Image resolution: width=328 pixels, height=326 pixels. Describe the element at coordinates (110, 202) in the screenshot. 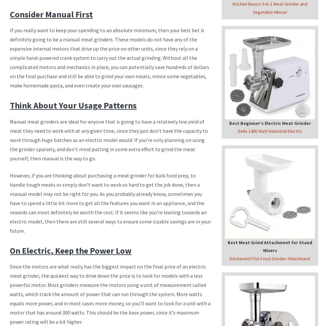

I see `'However, if you are thinking about purchasing a meat grinder for bulk food prep, to handle tough meats or simply don’t want to work so hard to get the job done, then a manual model may not be right for you. As you probably already know, sometimes you have to spend a little bit more to get all the features you want in an appliance, and the rewards can most definitely be worth the cost. If it seems like you’re leaning towards an electric model, then there are still several ways to ensure some sizable savings are in your future.'` at that location.